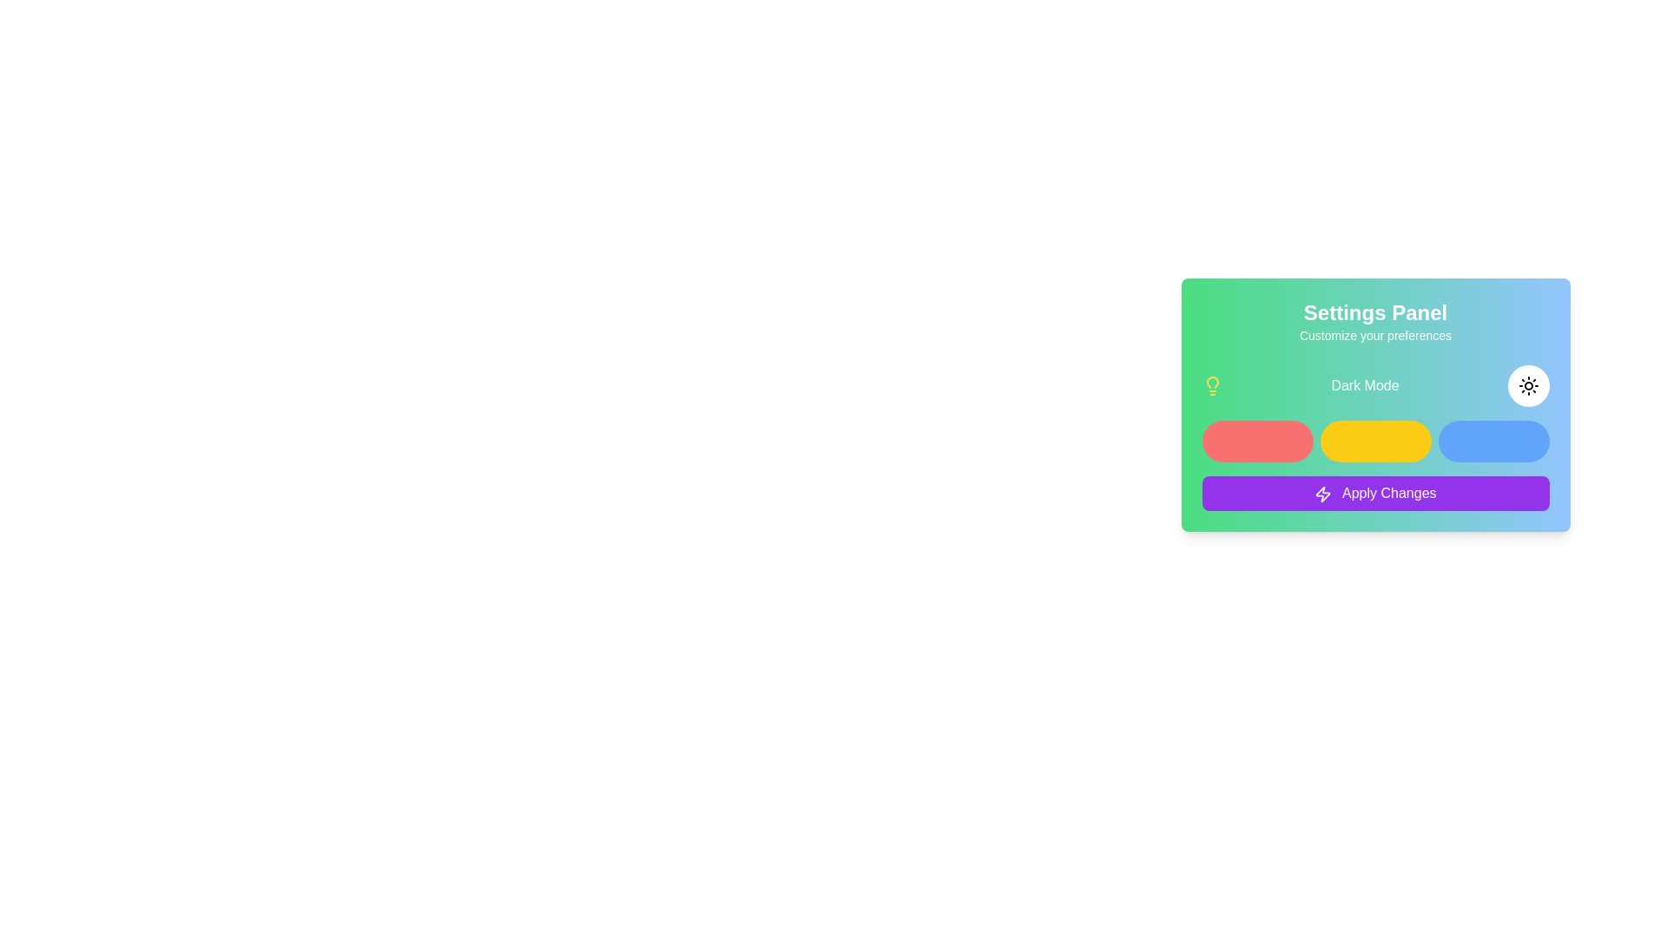  I want to click on header text element located at the top of the panel, which provides context to the elements below it, so click(1374, 313).